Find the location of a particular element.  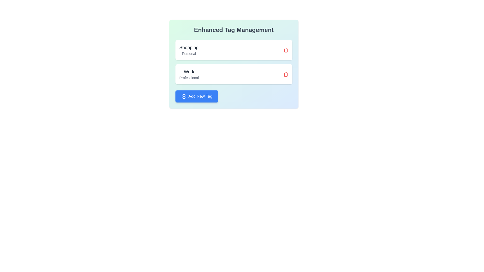

the text label that displays 'Work' in bold and 'Professional' in a smaller font, located between 'Shopping Personal' and 'Add New Tag' is located at coordinates (189, 74).